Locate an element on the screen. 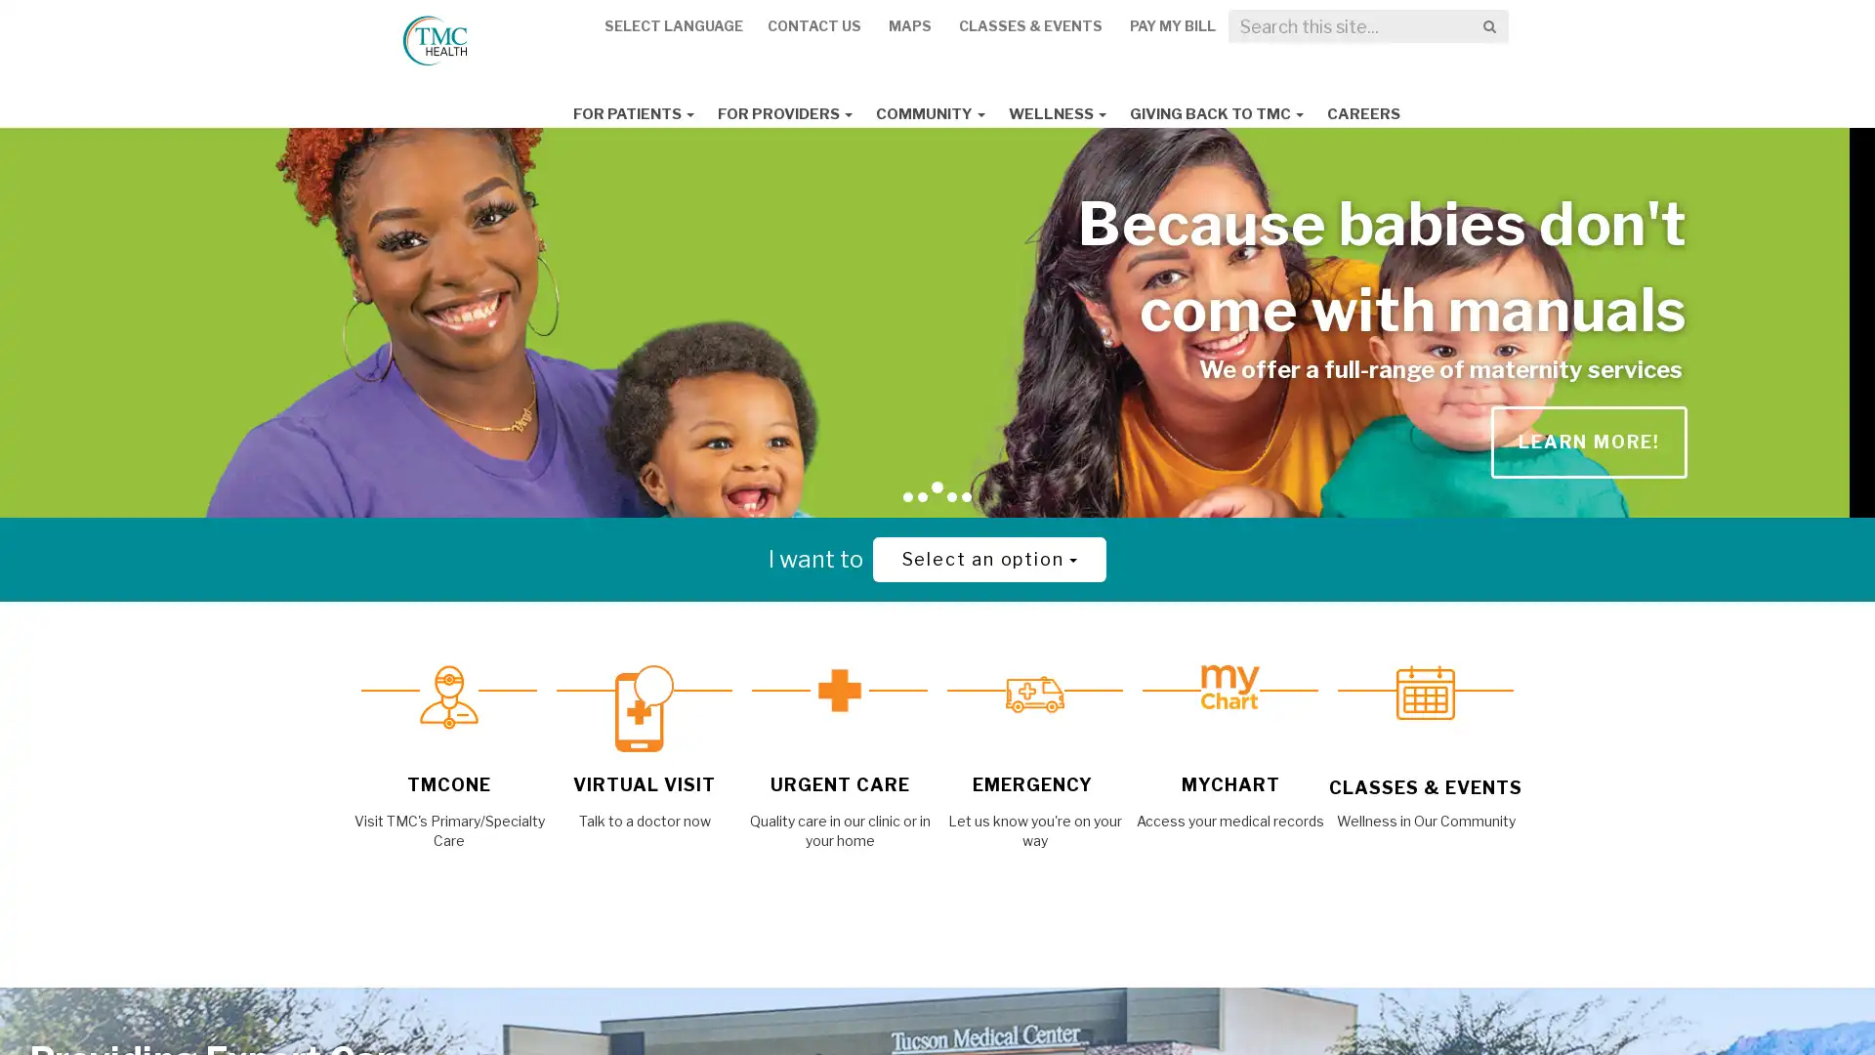 Image resolution: width=1875 pixels, height=1055 pixels. Select an option is located at coordinates (988, 559).